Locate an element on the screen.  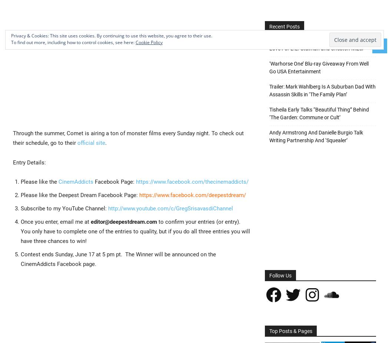
'To find out more, including how to control cookies, see here:' is located at coordinates (73, 42).